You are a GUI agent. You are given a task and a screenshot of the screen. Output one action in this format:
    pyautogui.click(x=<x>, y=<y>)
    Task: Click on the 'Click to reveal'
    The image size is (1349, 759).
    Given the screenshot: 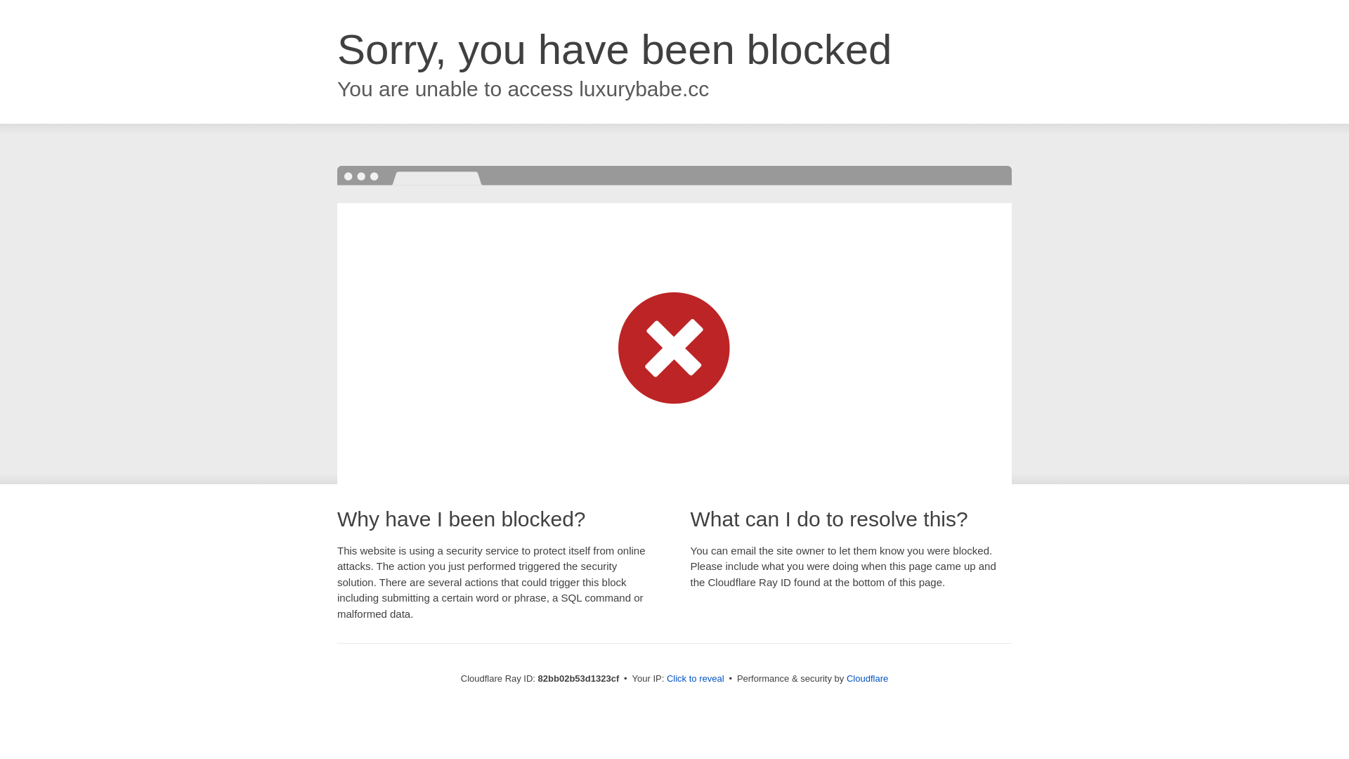 What is the action you would take?
    pyautogui.click(x=666, y=677)
    